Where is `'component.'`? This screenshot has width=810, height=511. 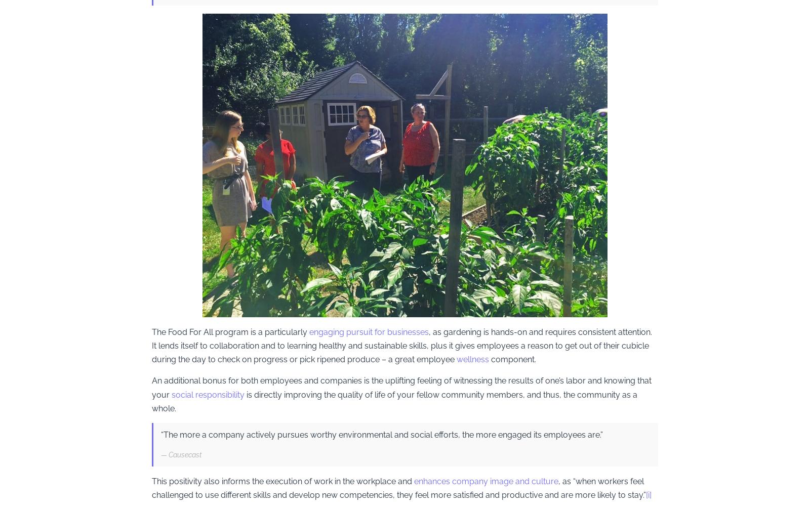 'component.' is located at coordinates (513, 359).